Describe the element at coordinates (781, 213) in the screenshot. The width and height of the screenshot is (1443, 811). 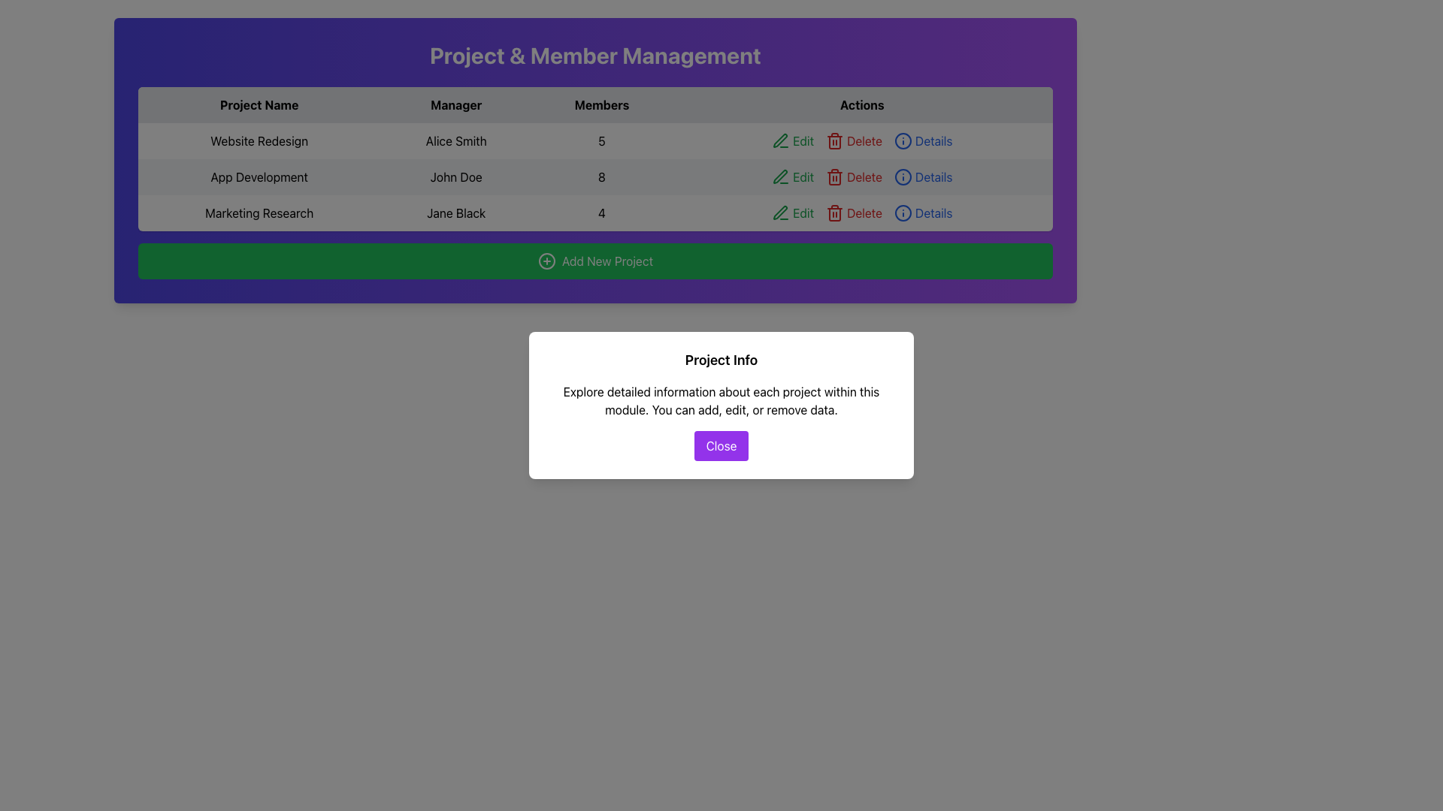
I see `the 'Edit' action icon in the 'Actions' column of the table for the 'Marketing Research' project in the third row` at that location.